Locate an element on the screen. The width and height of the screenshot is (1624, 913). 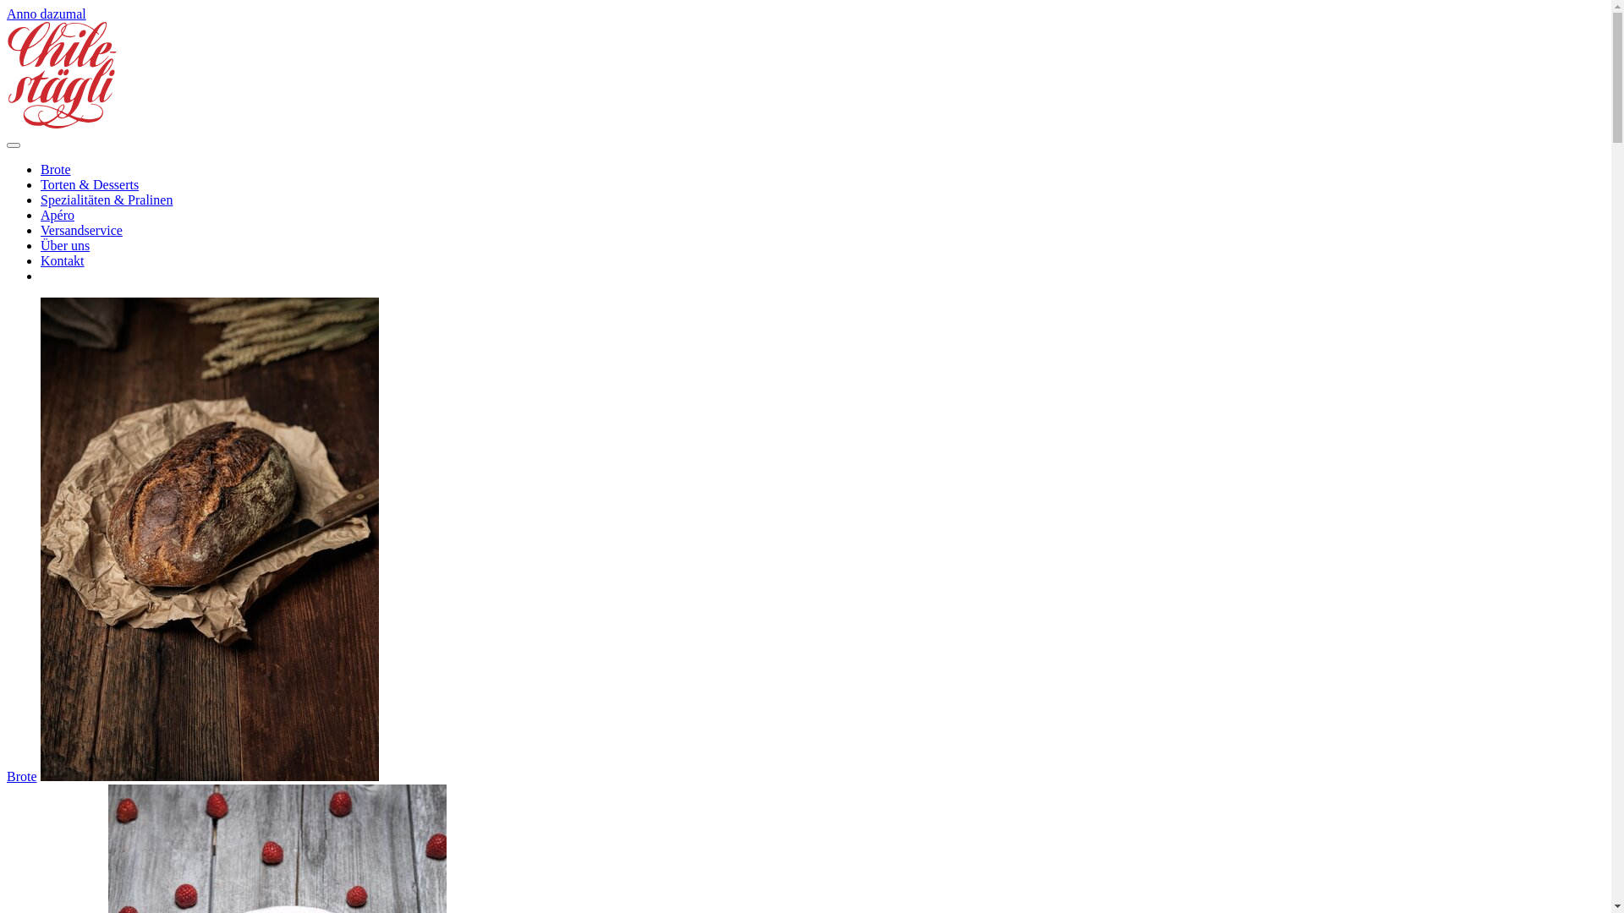
'Anno dazumal' is located at coordinates (7, 14).